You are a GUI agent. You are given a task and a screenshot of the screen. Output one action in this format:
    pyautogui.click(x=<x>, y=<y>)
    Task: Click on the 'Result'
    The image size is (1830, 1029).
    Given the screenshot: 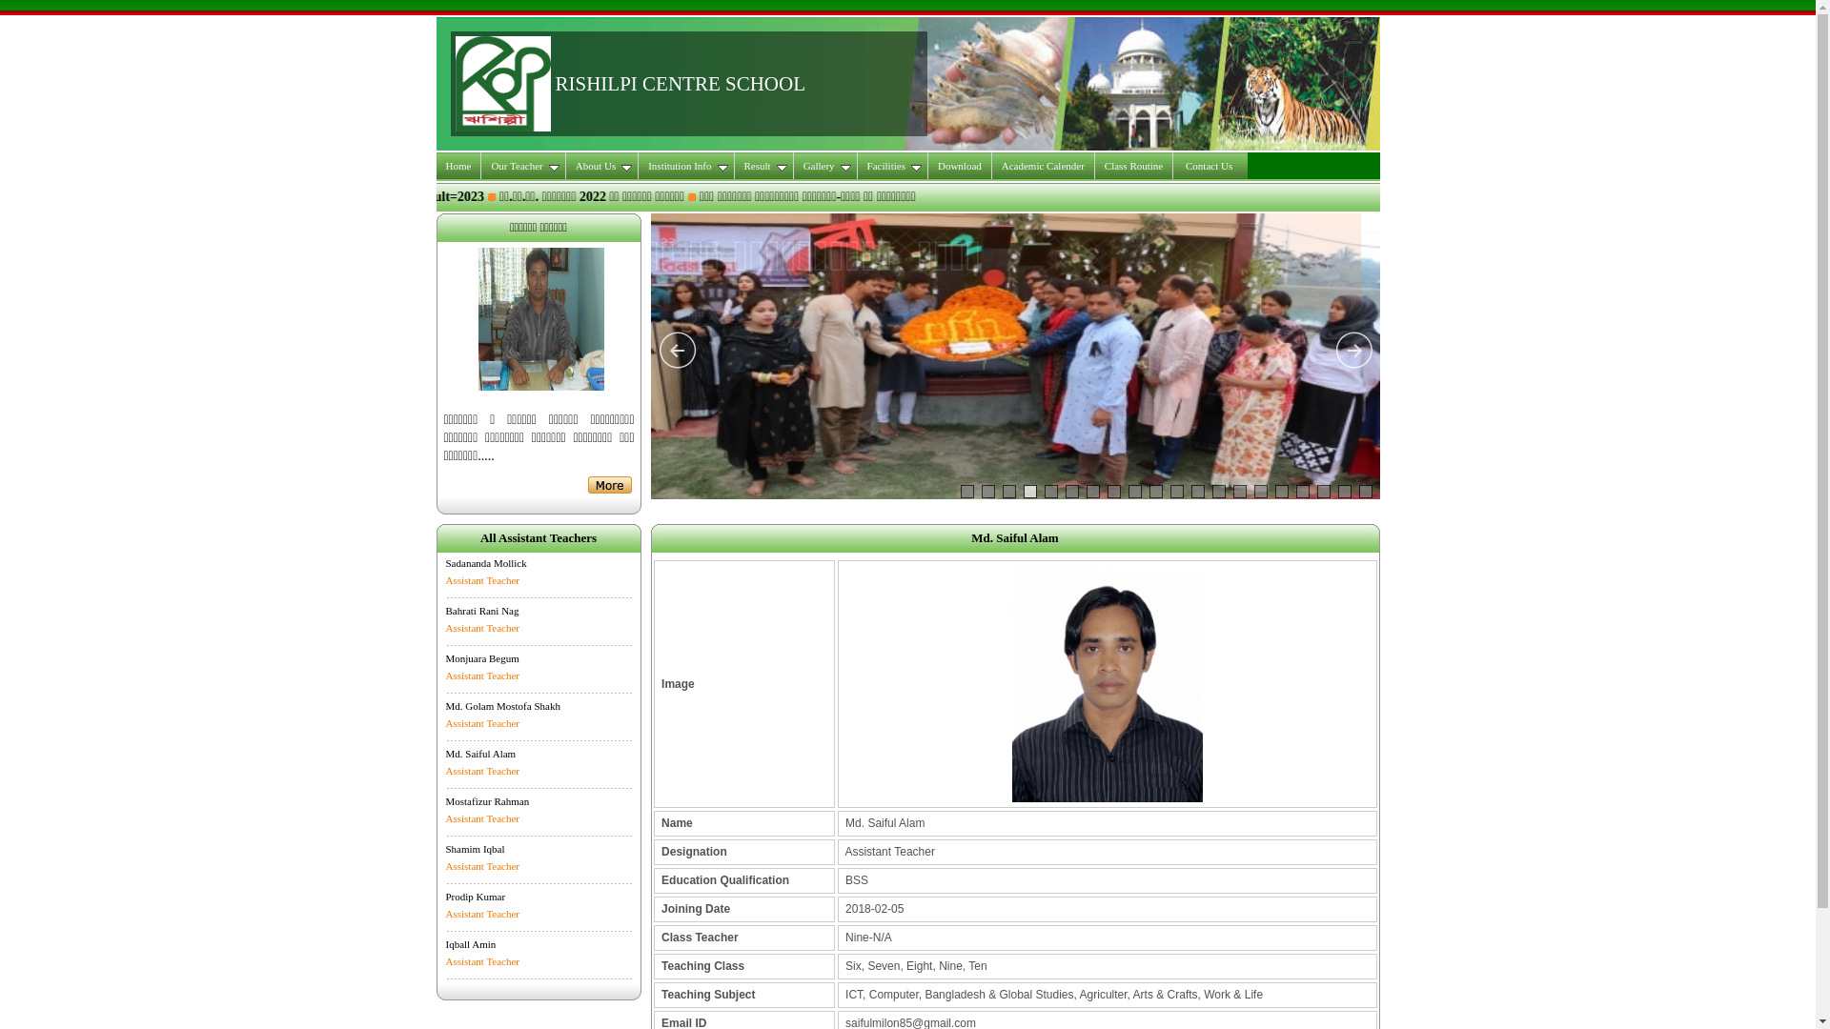 What is the action you would take?
    pyautogui.click(x=763, y=164)
    